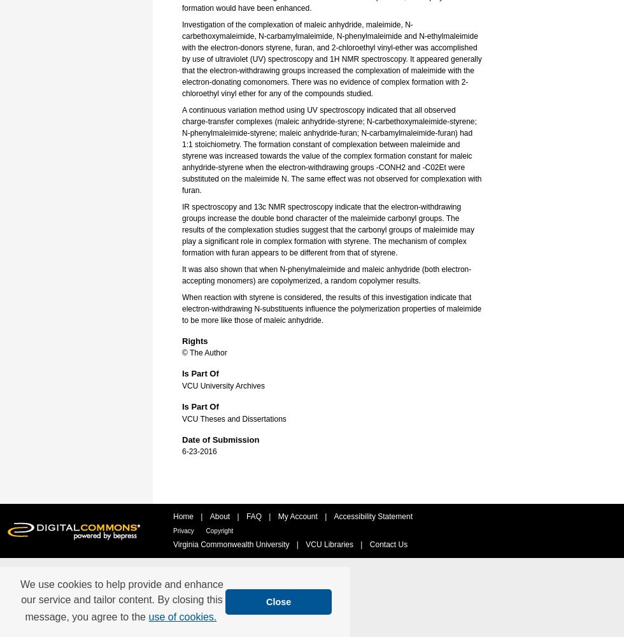 The height and width of the screenshot is (637, 624). I want to click on 'It was also shown that when N-phenylmaleimide and maleic anhydride (both electron-accepting monomers) are copolymerized, a random copolymer results.', so click(327, 275).